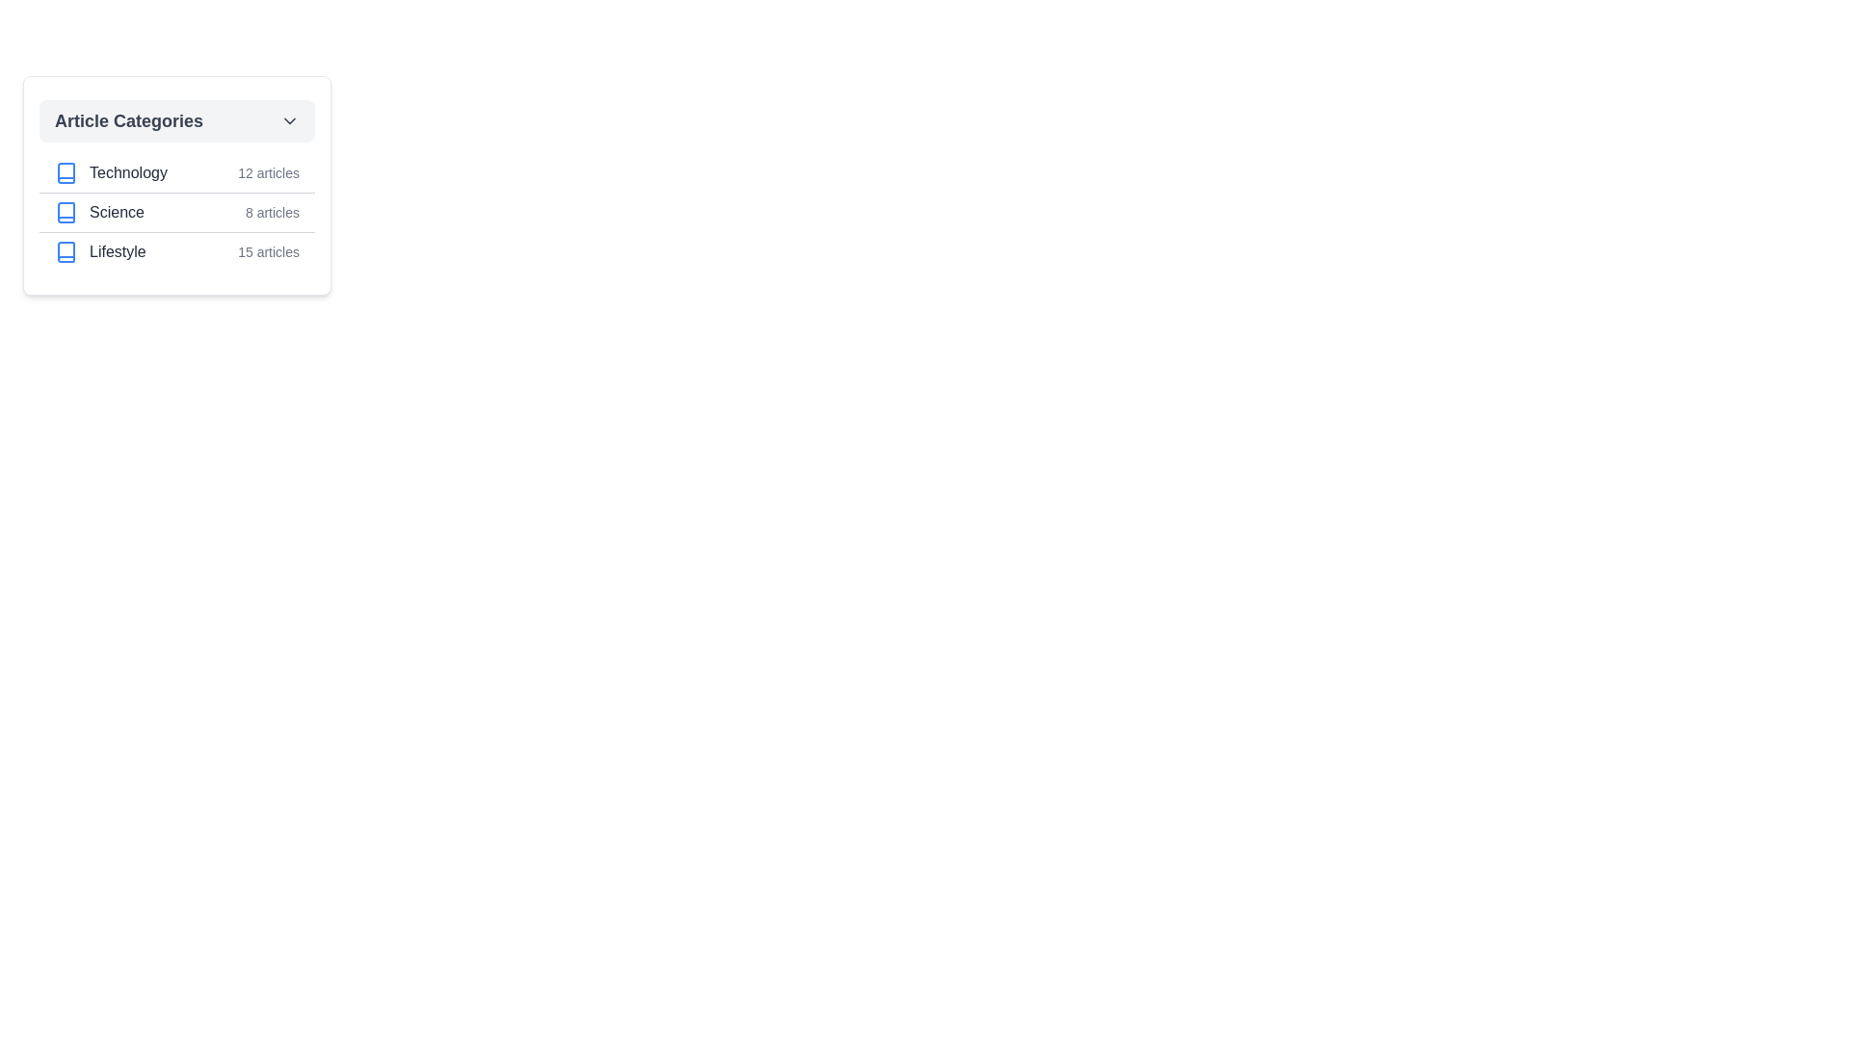  Describe the element at coordinates (289, 121) in the screenshot. I see `the downward-pointing chevron icon adjacent to the 'Article Categories' text` at that location.